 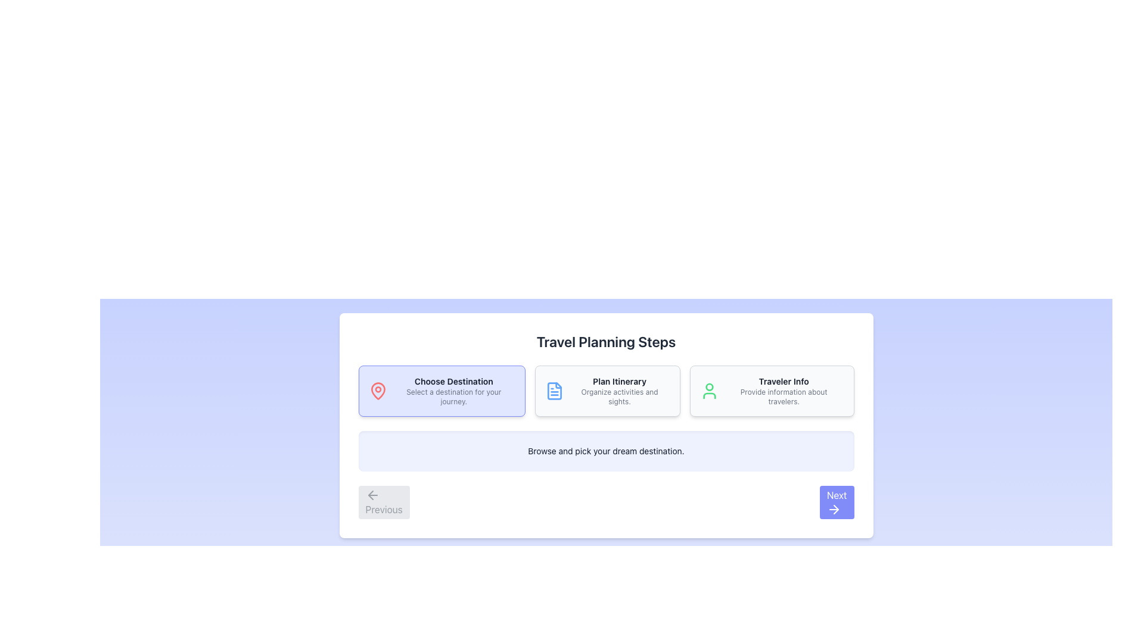 I want to click on the text label reading 'Traveler Info', which is styled in bold dark gray and located at the top of the rightmost tile under the header 'Travel Planning Steps', so click(x=784, y=381).